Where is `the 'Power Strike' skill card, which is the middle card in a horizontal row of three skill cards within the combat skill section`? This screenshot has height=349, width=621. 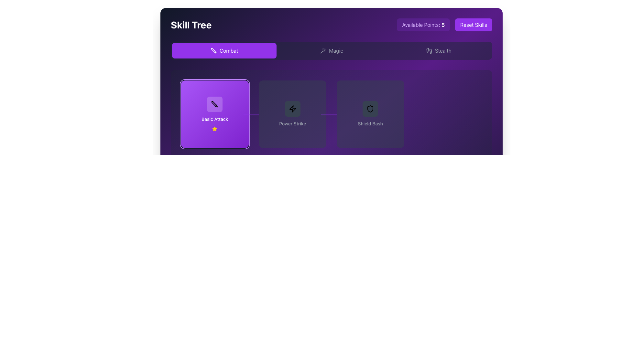 the 'Power Strike' skill card, which is the middle card in a horizontal row of three skill cards within the combat skill section is located at coordinates (292, 114).